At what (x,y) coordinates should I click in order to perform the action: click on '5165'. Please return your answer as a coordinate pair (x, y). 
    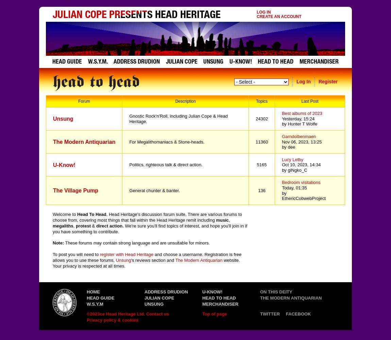
    Looking at the image, I should click on (261, 164).